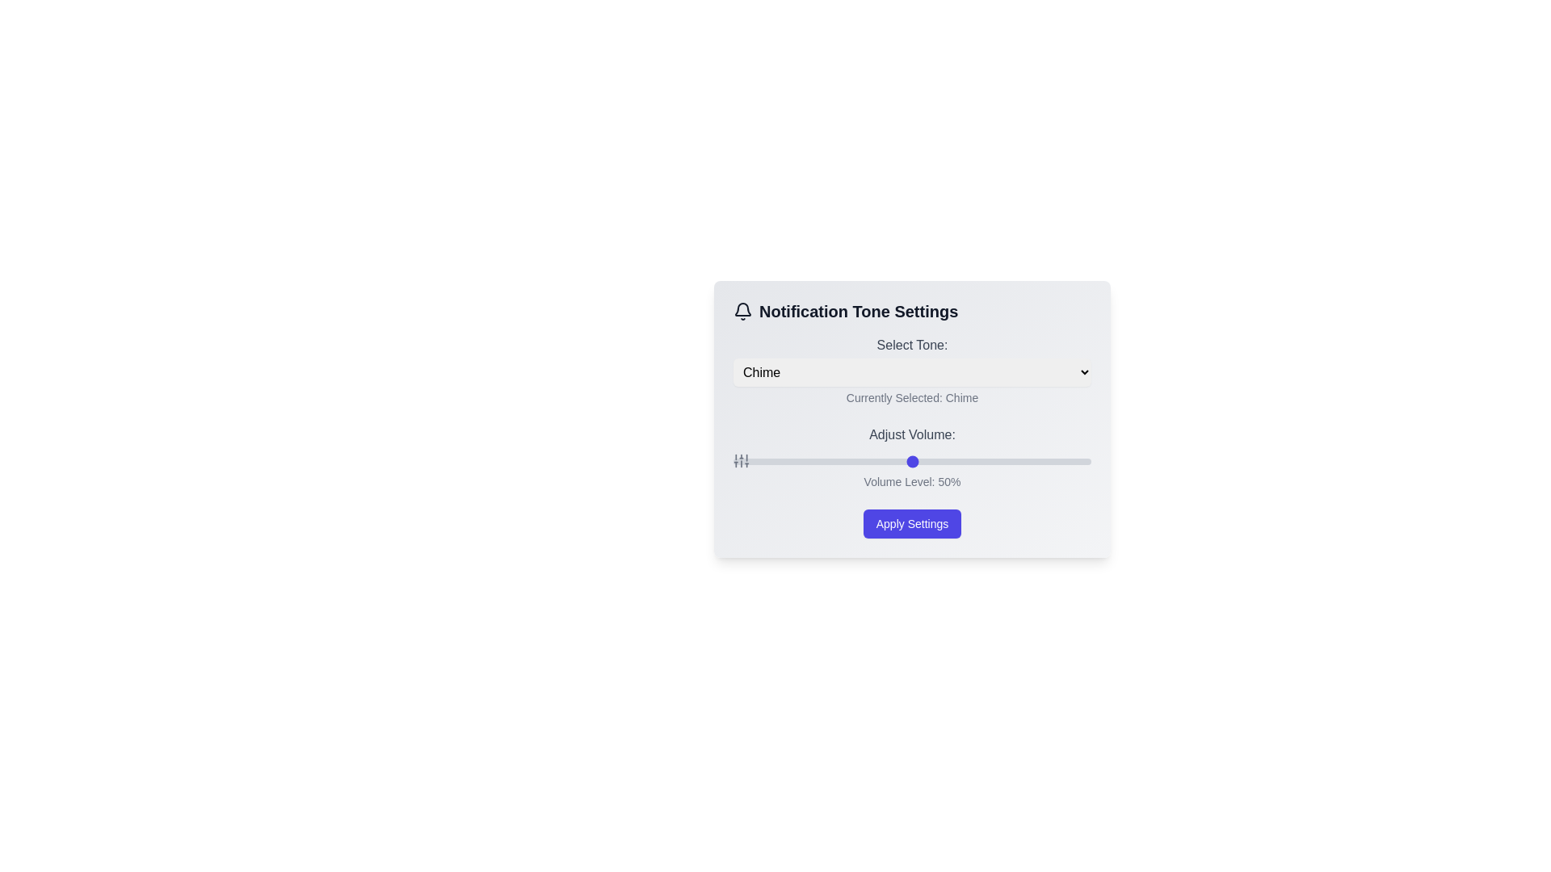 This screenshot has height=872, width=1551. Describe the element at coordinates (912, 523) in the screenshot. I see `the apply button located at the bottom of the 'Notification Tone Settings' dialog box` at that location.